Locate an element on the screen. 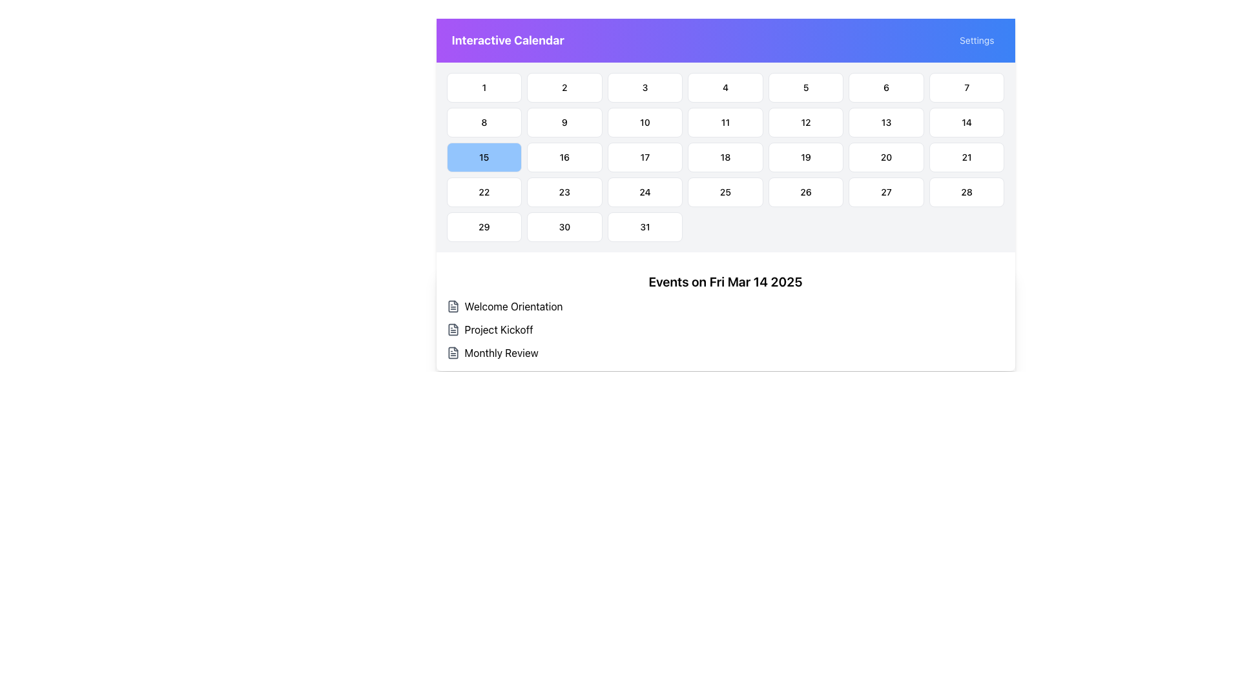 The image size is (1240, 697). the static text displaying '15' which is bold and centered within a blue rounded rectangular background in the second column of the third row is located at coordinates (483, 156).